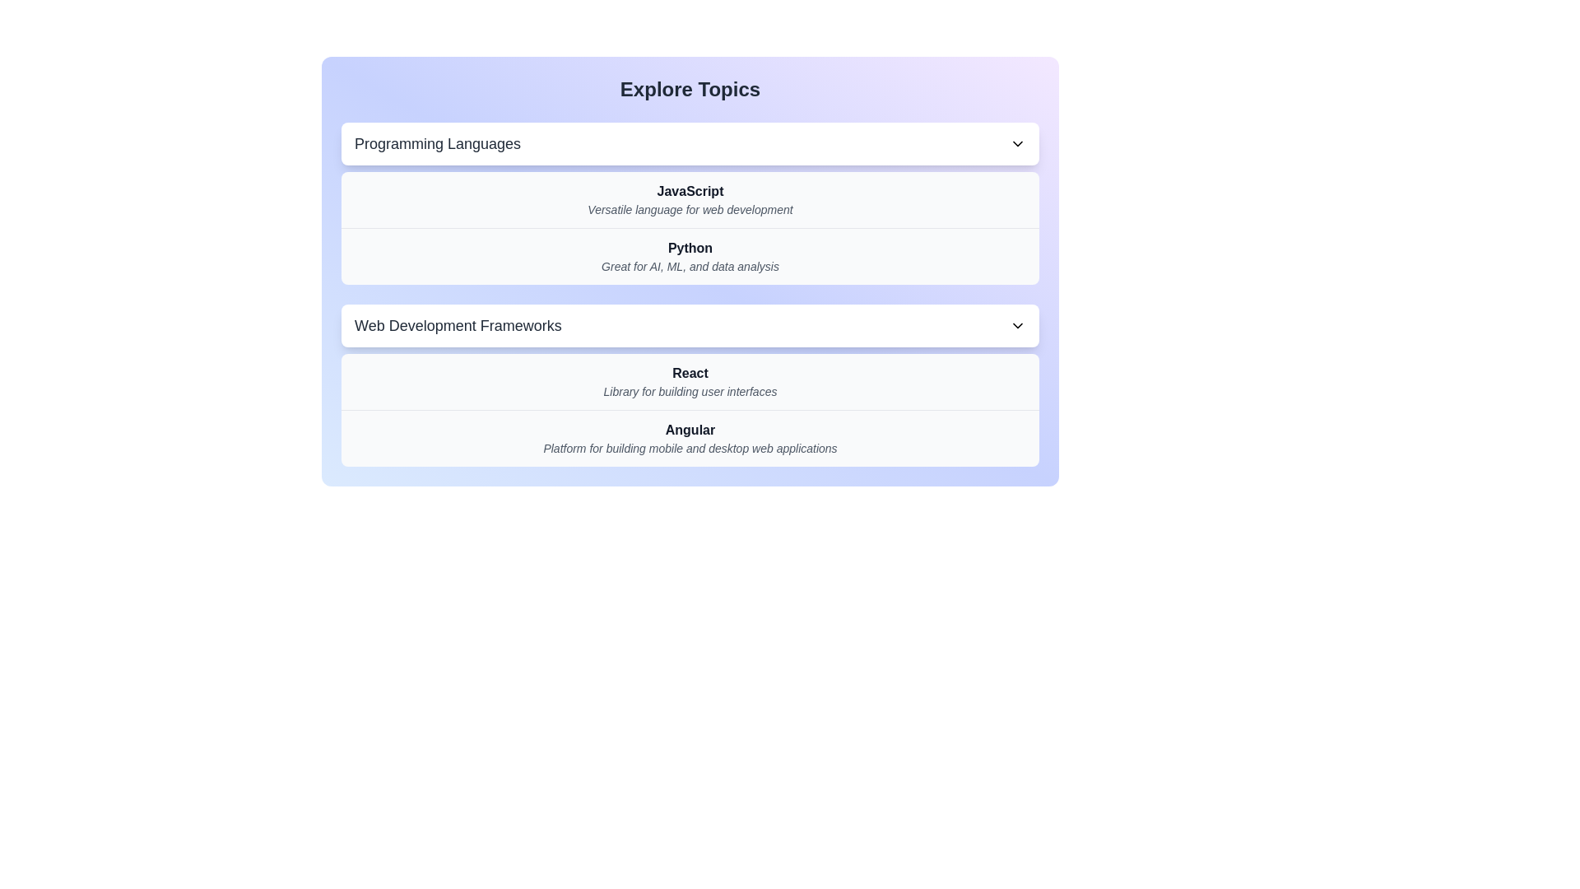 Image resolution: width=1580 pixels, height=889 pixels. Describe the element at coordinates (1017, 326) in the screenshot. I see `the icon at the rightmost position in the row labeled 'Web Development Frameworks'` at that location.